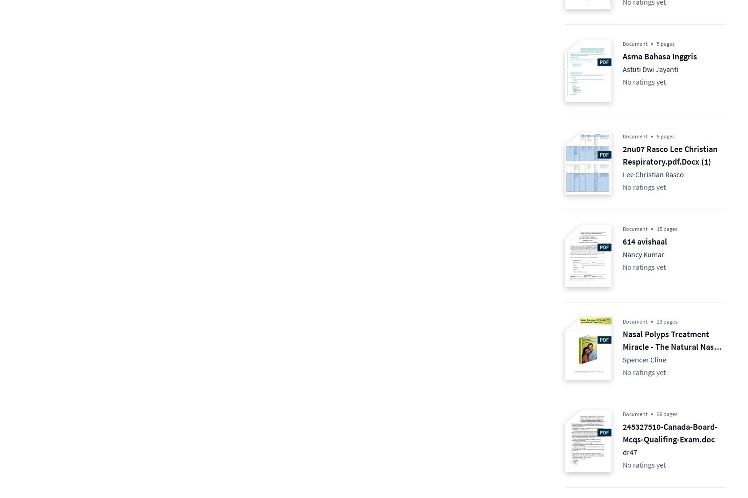  I want to click on 'Nasal Polyps Treatment Miracle - The Natural Nasal Polyps Cure', so click(671, 346).